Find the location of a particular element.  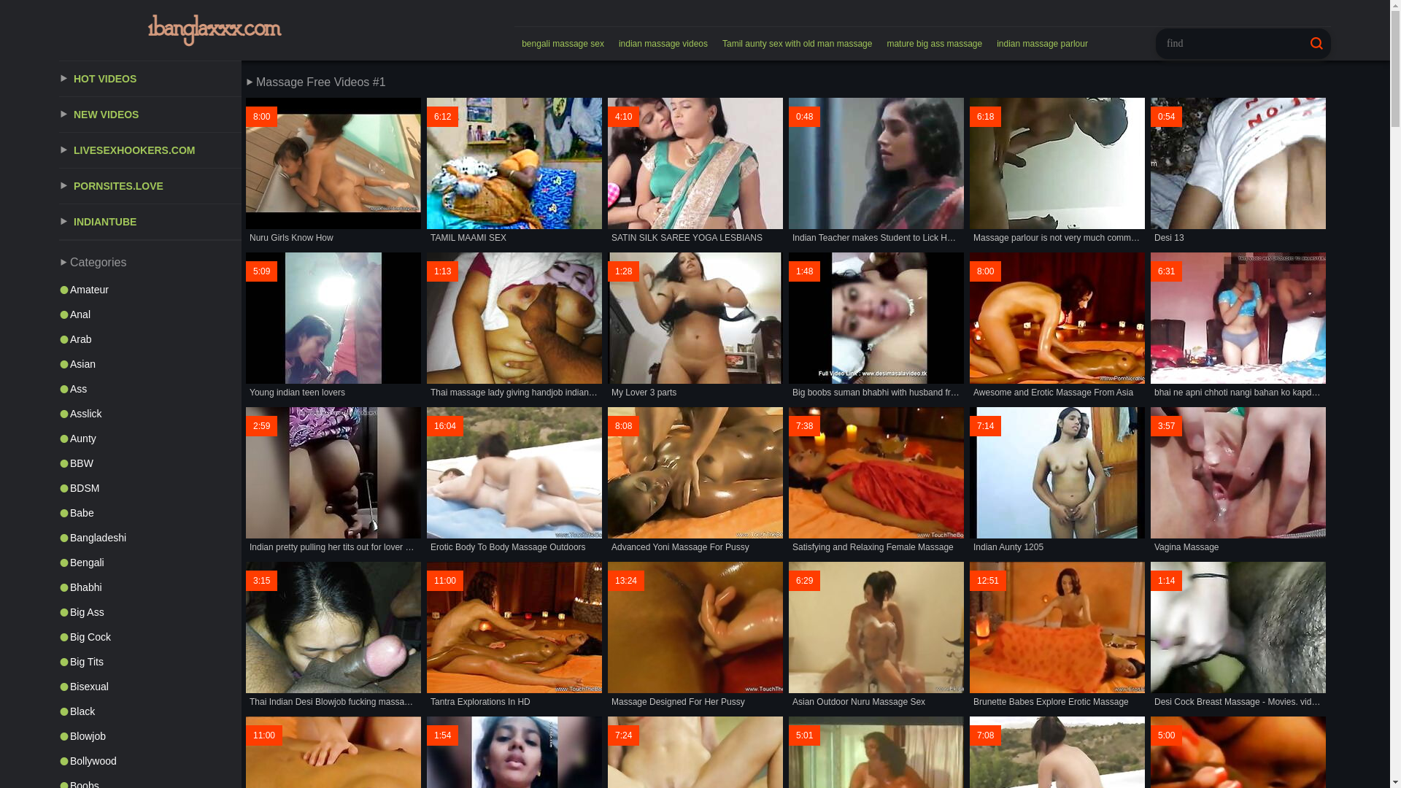

'bengali massage sex' is located at coordinates (562, 43).